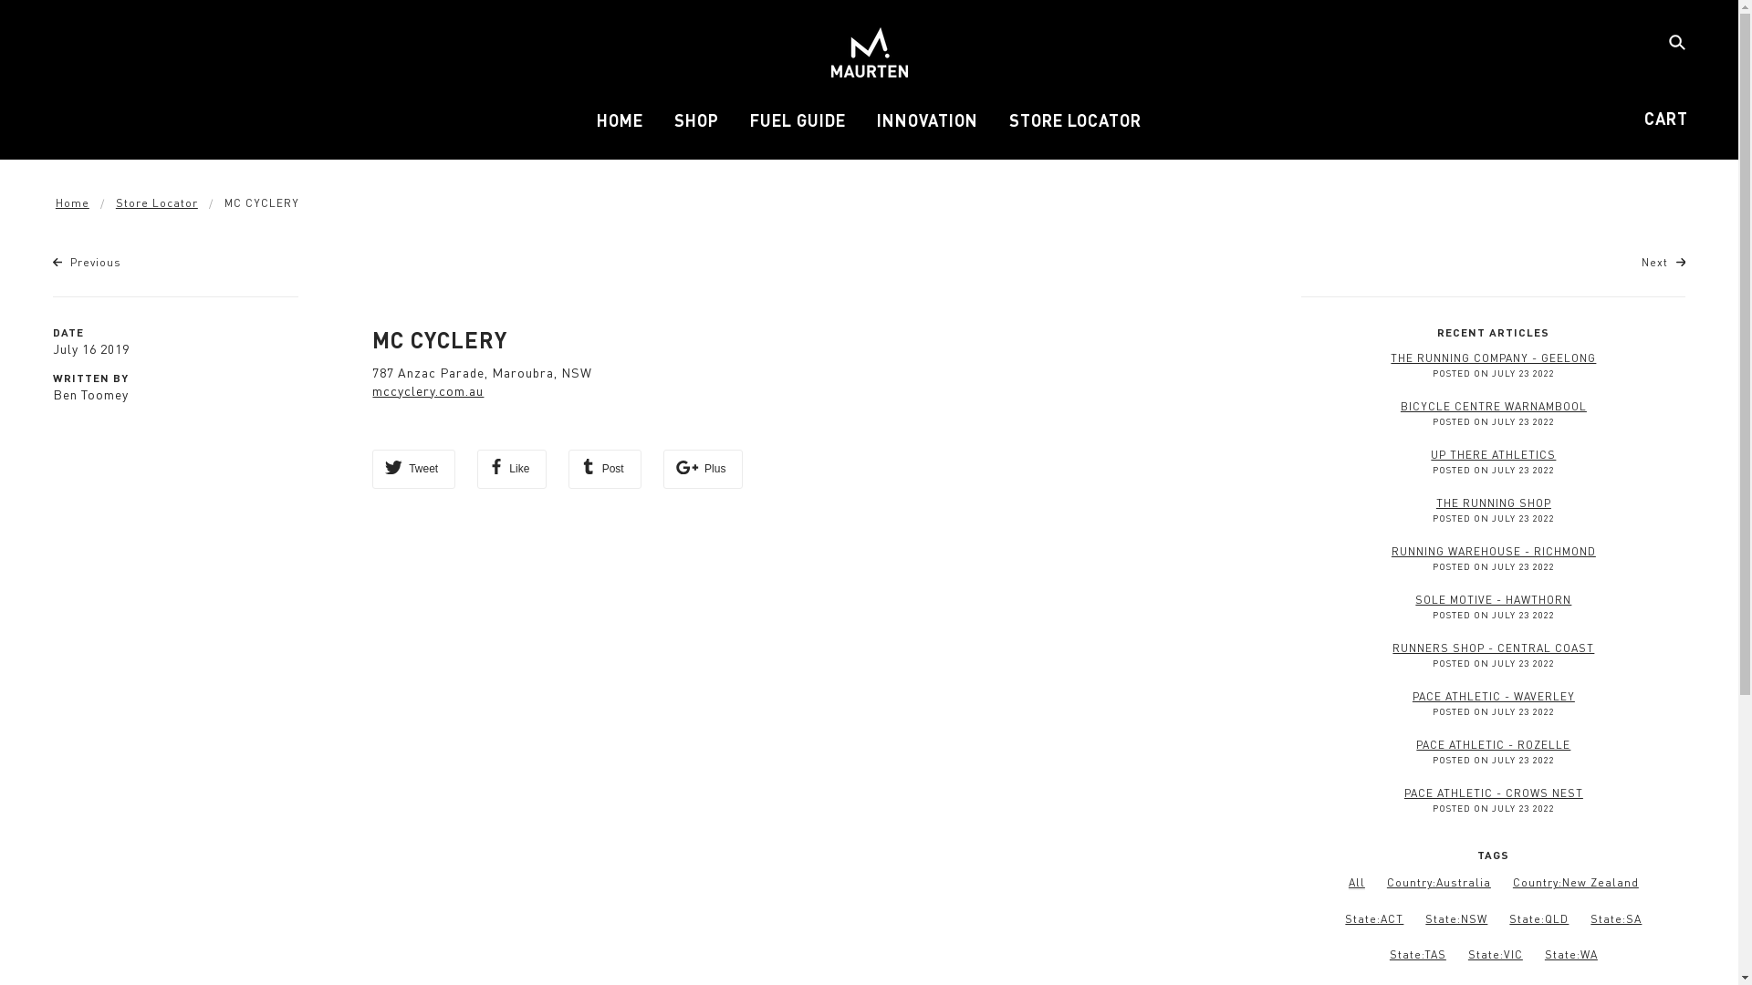  I want to click on 'State:SA', so click(1616, 918).